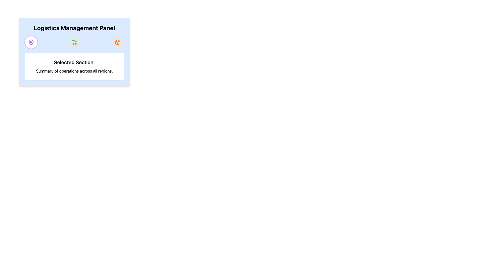 This screenshot has width=487, height=274. Describe the element at coordinates (31, 42) in the screenshot. I see `the leftmost circular button containing the SVG icon that represents a location or geolocation feature in the blue 'Logistics Management Panel'` at that location.